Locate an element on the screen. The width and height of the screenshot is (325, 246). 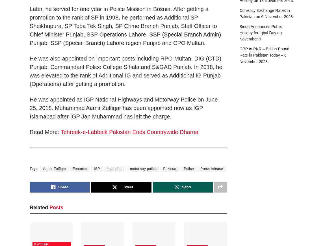
'Send' is located at coordinates (186, 187).